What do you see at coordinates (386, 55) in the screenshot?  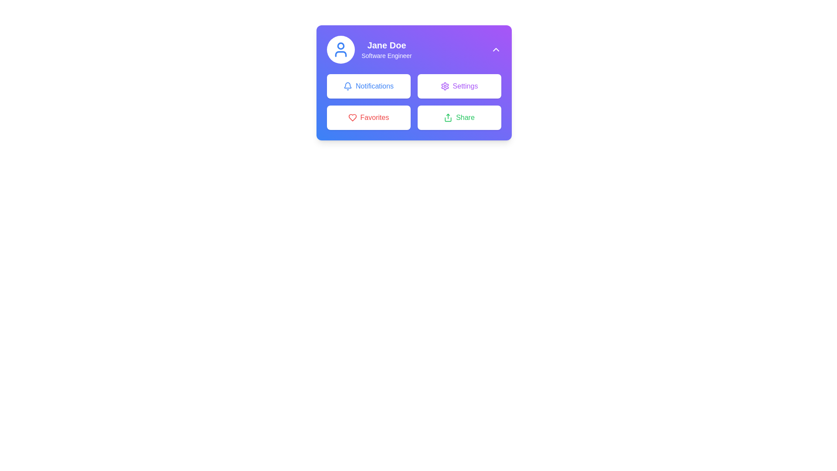 I see `the text element that reads 'Software Engineer', located beneath 'Jane Doe' within the profile card` at bounding box center [386, 55].